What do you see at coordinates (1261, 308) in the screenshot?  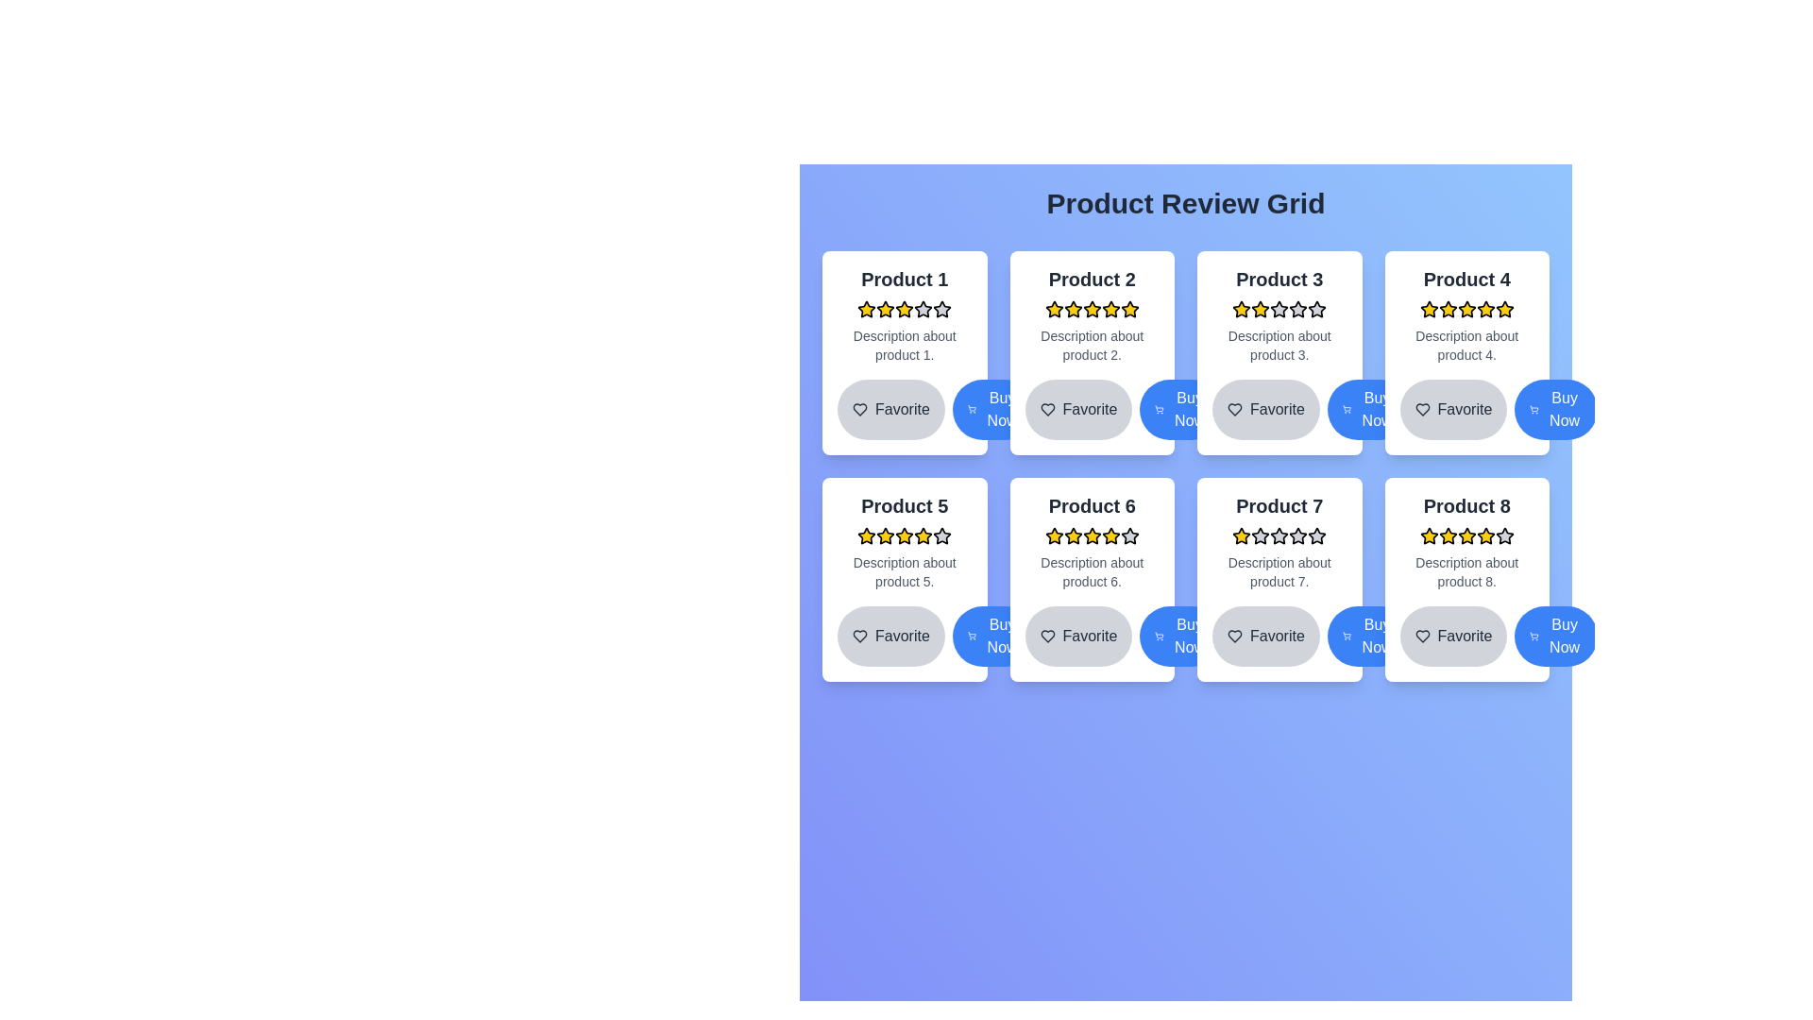 I see `the third star icon in the rating component for 'Product 3', which is styled with a yellow fill color and black outline` at bounding box center [1261, 308].